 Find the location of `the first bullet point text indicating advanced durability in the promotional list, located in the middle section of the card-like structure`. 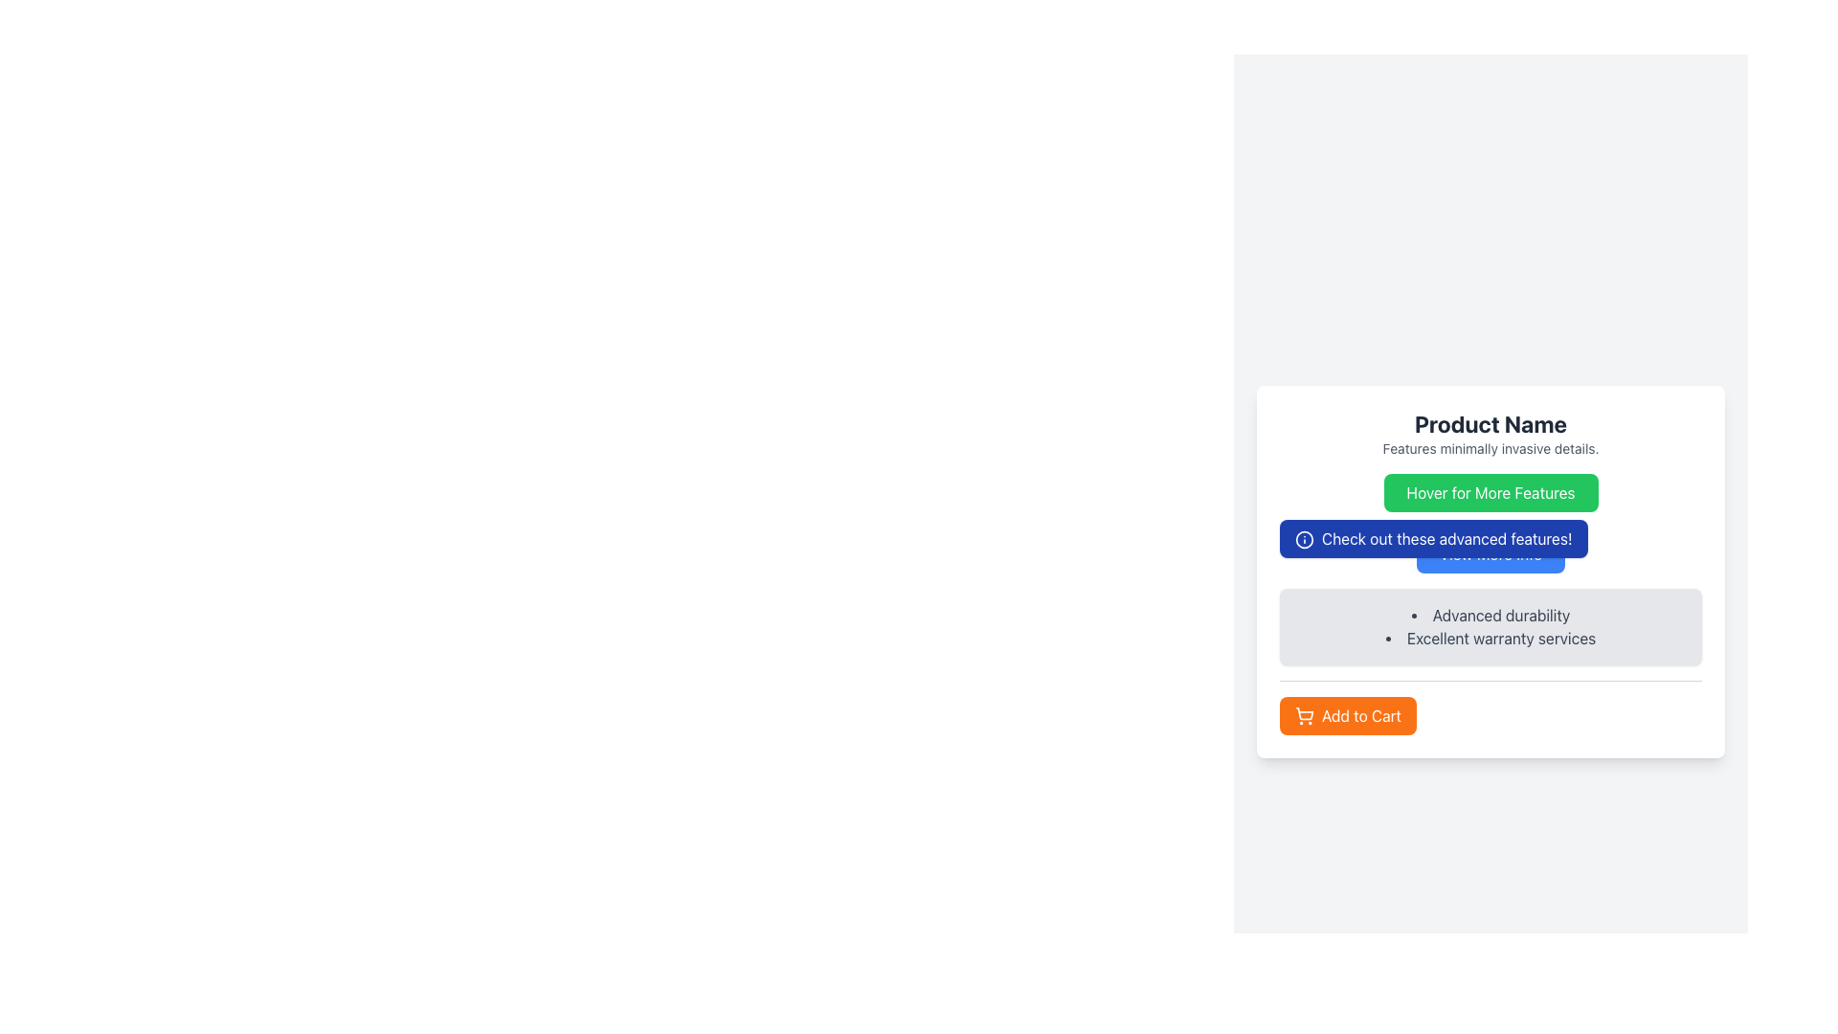

the first bullet point text indicating advanced durability in the promotional list, located in the middle section of the card-like structure is located at coordinates (1490, 615).